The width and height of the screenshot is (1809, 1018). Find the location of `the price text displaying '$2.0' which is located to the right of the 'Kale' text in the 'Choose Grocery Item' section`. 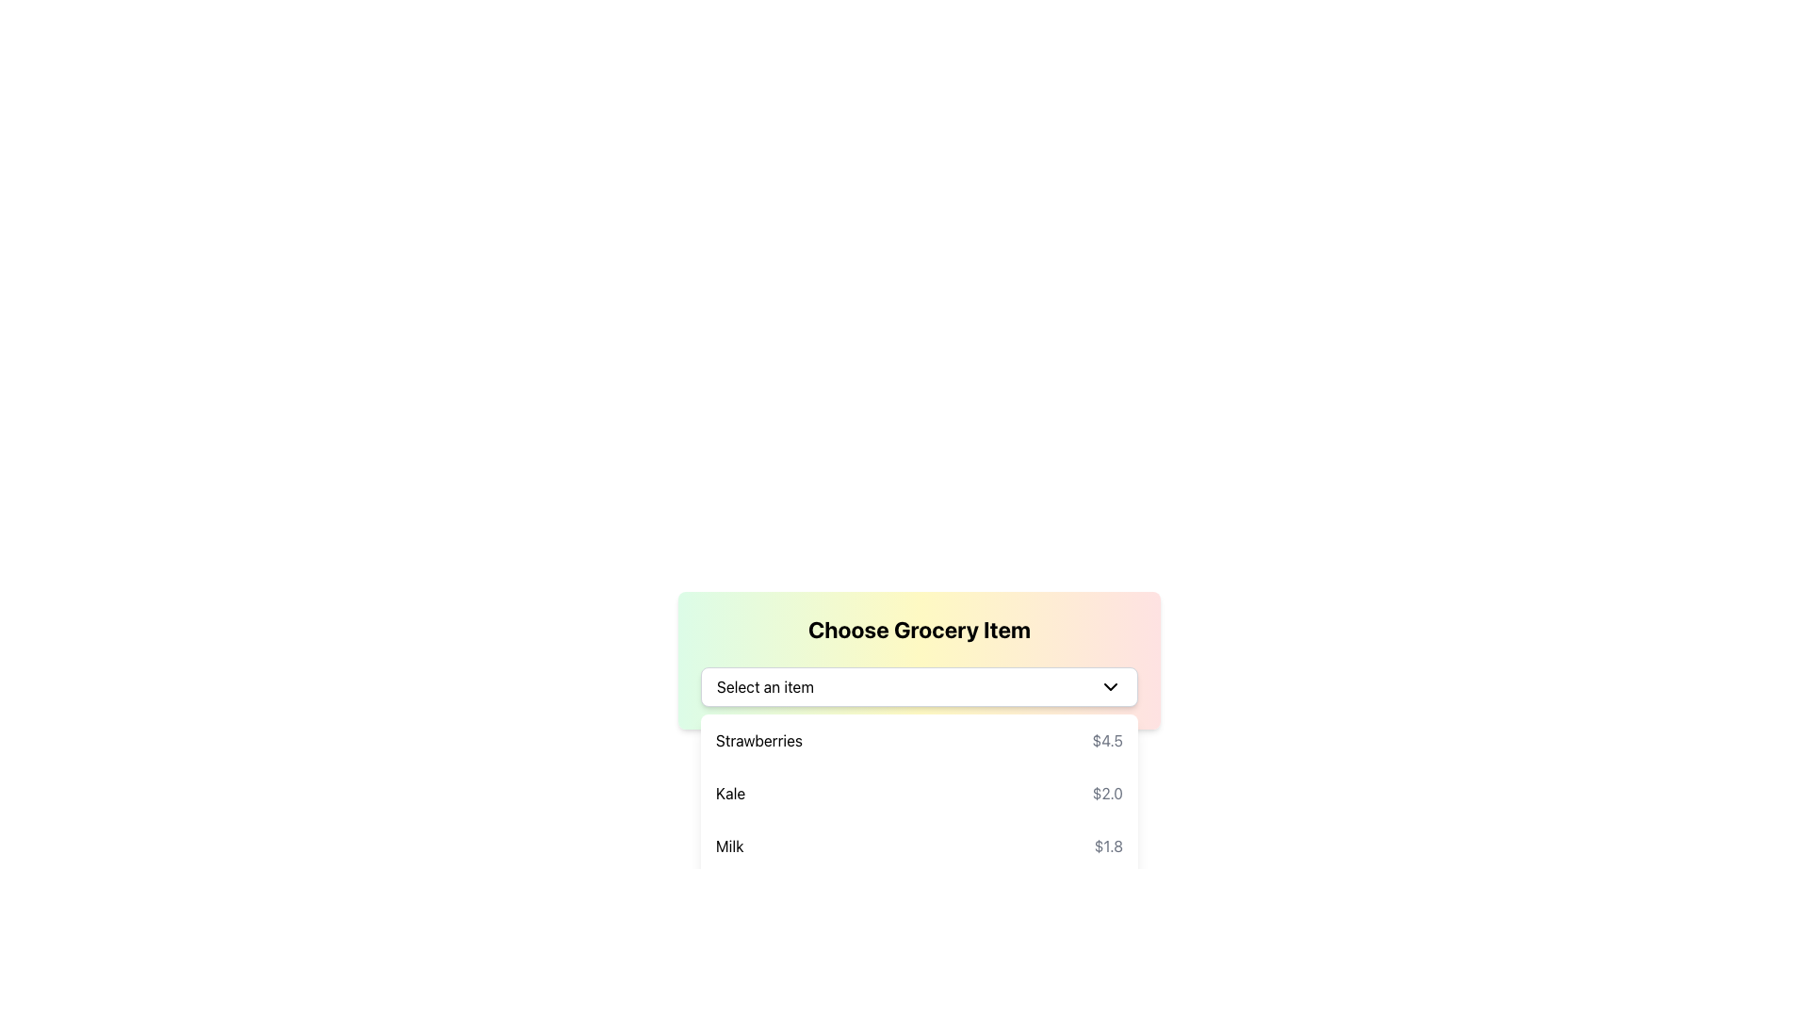

the price text displaying '$2.0' which is located to the right of the 'Kale' text in the 'Choose Grocery Item' section is located at coordinates (1107, 793).